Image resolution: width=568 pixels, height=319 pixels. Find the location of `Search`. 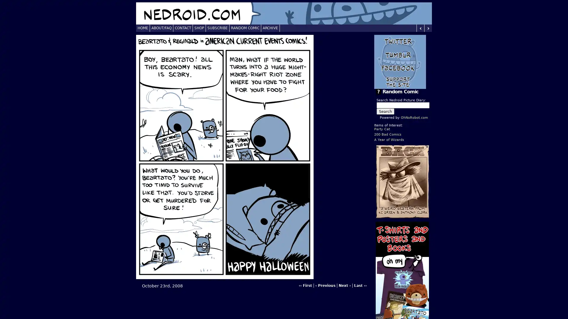

Search is located at coordinates (385, 111).